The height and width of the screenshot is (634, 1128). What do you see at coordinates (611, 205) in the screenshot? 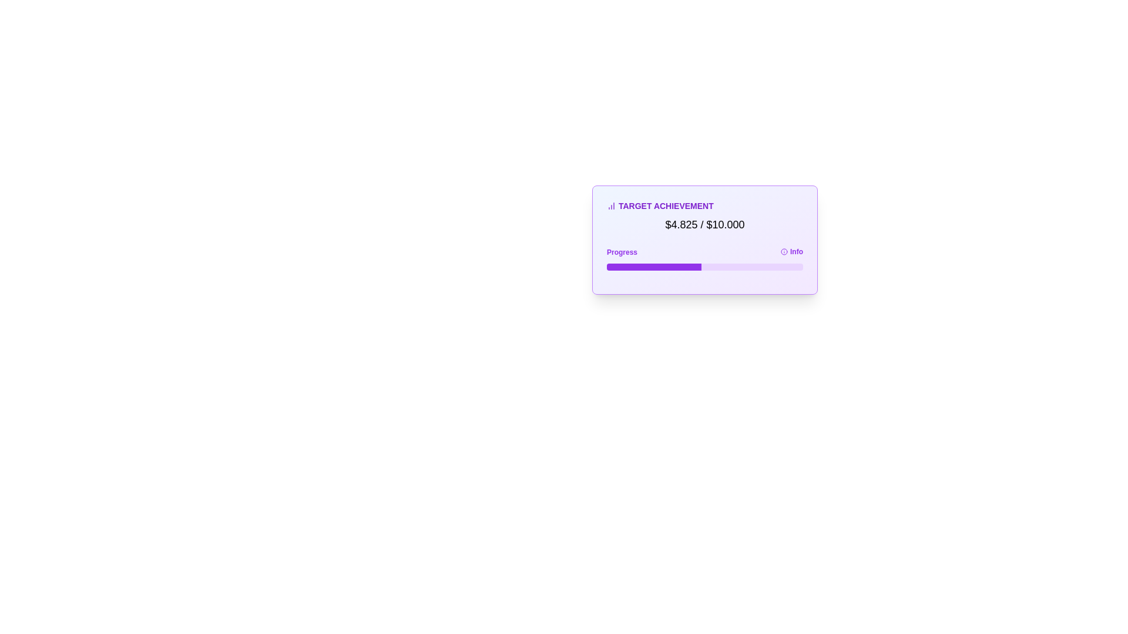
I see `the performance or progress metrics icon located slightly to the left of the 'Target Achievement' title, which is styled in bold, uppercase purple text` at bounding box center [611, 205].